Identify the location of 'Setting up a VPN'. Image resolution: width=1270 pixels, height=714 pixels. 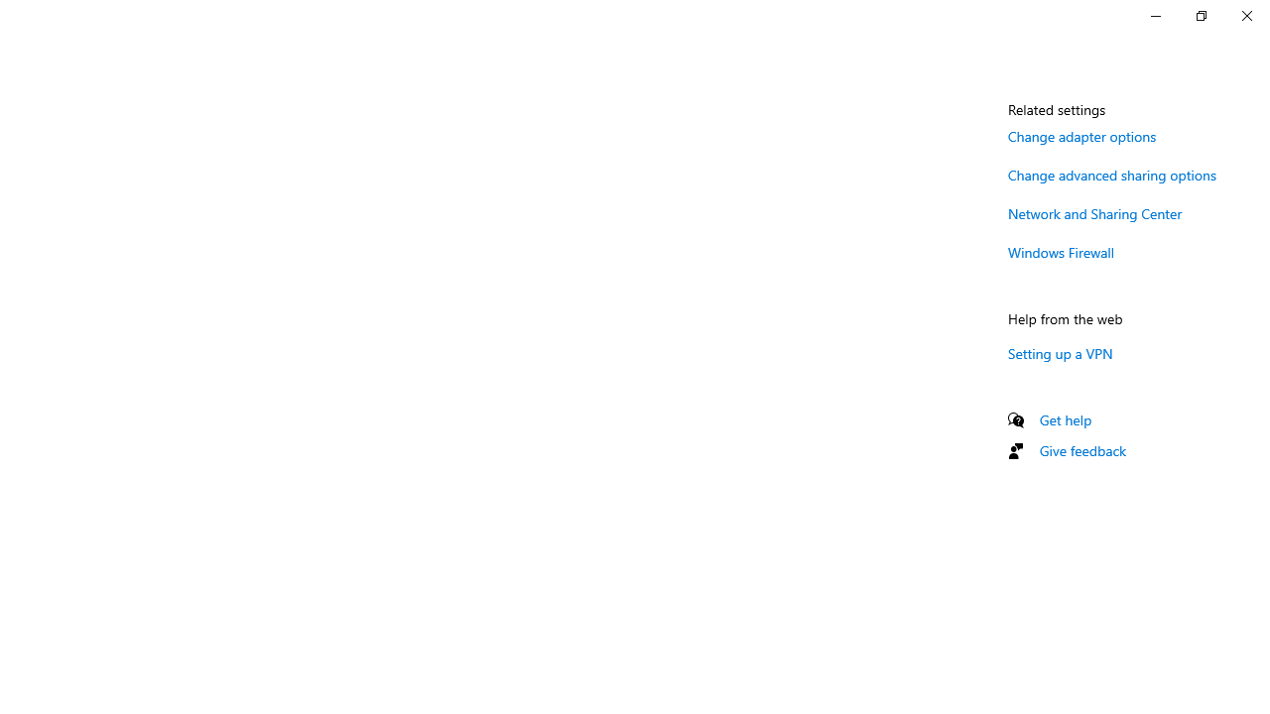
(1060, 352).